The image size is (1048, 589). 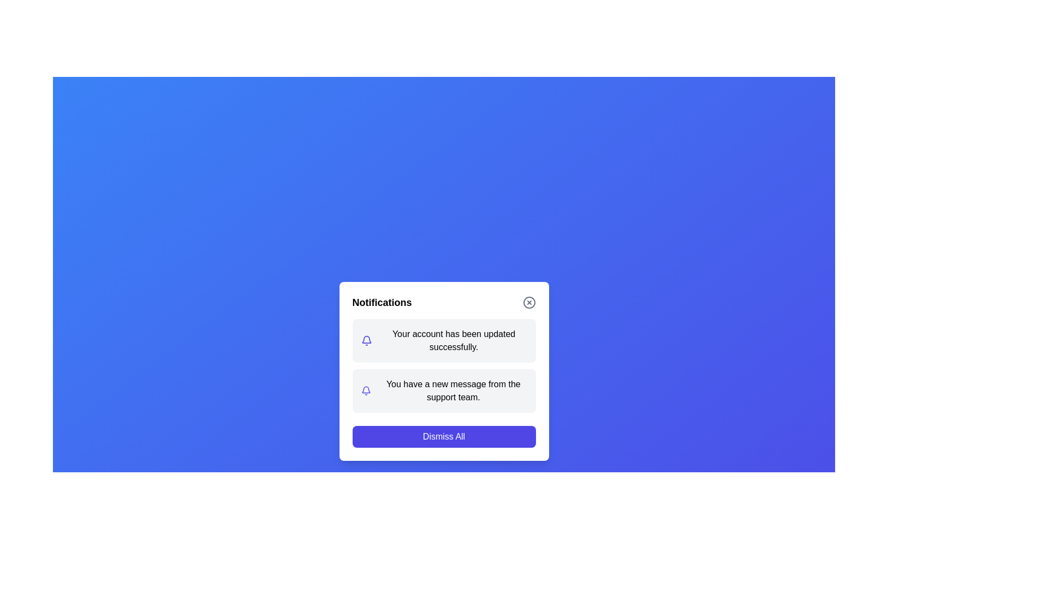 What do you see at coordinates (529, 303) in the screenshot?
I see `the circular icon button located` at bounding box center [529, 303].